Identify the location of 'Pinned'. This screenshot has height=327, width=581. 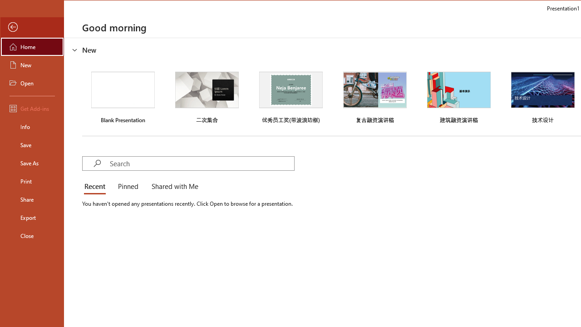
(127, 186).